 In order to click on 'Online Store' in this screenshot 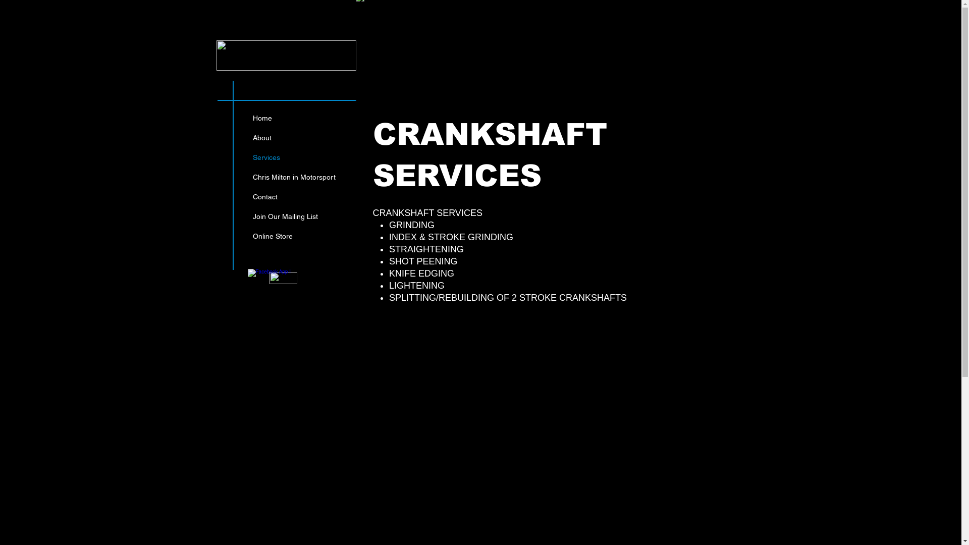, I will do `click(293, 236)`.